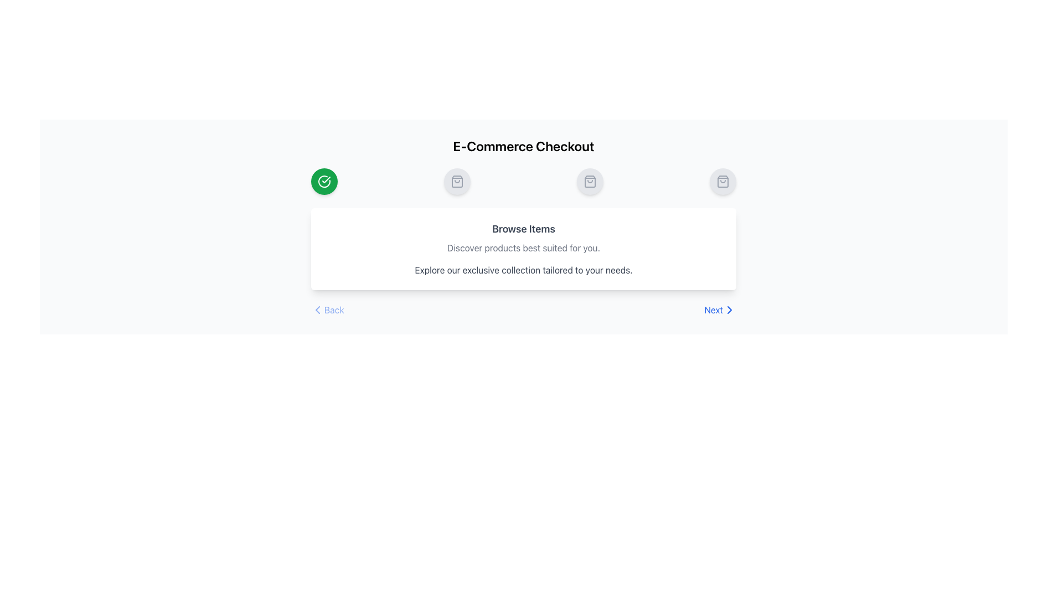  What do you see at coordinates (523, 247) in the screenshot?
I see `the text element that reads 'Discover products best suited for you.' which is positioned below the title 'Browse Items'` at bounding box center [523, 247].